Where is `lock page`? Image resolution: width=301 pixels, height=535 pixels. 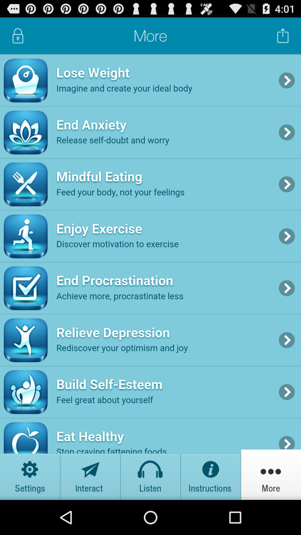
lock page is located at coordinates (18, 35).